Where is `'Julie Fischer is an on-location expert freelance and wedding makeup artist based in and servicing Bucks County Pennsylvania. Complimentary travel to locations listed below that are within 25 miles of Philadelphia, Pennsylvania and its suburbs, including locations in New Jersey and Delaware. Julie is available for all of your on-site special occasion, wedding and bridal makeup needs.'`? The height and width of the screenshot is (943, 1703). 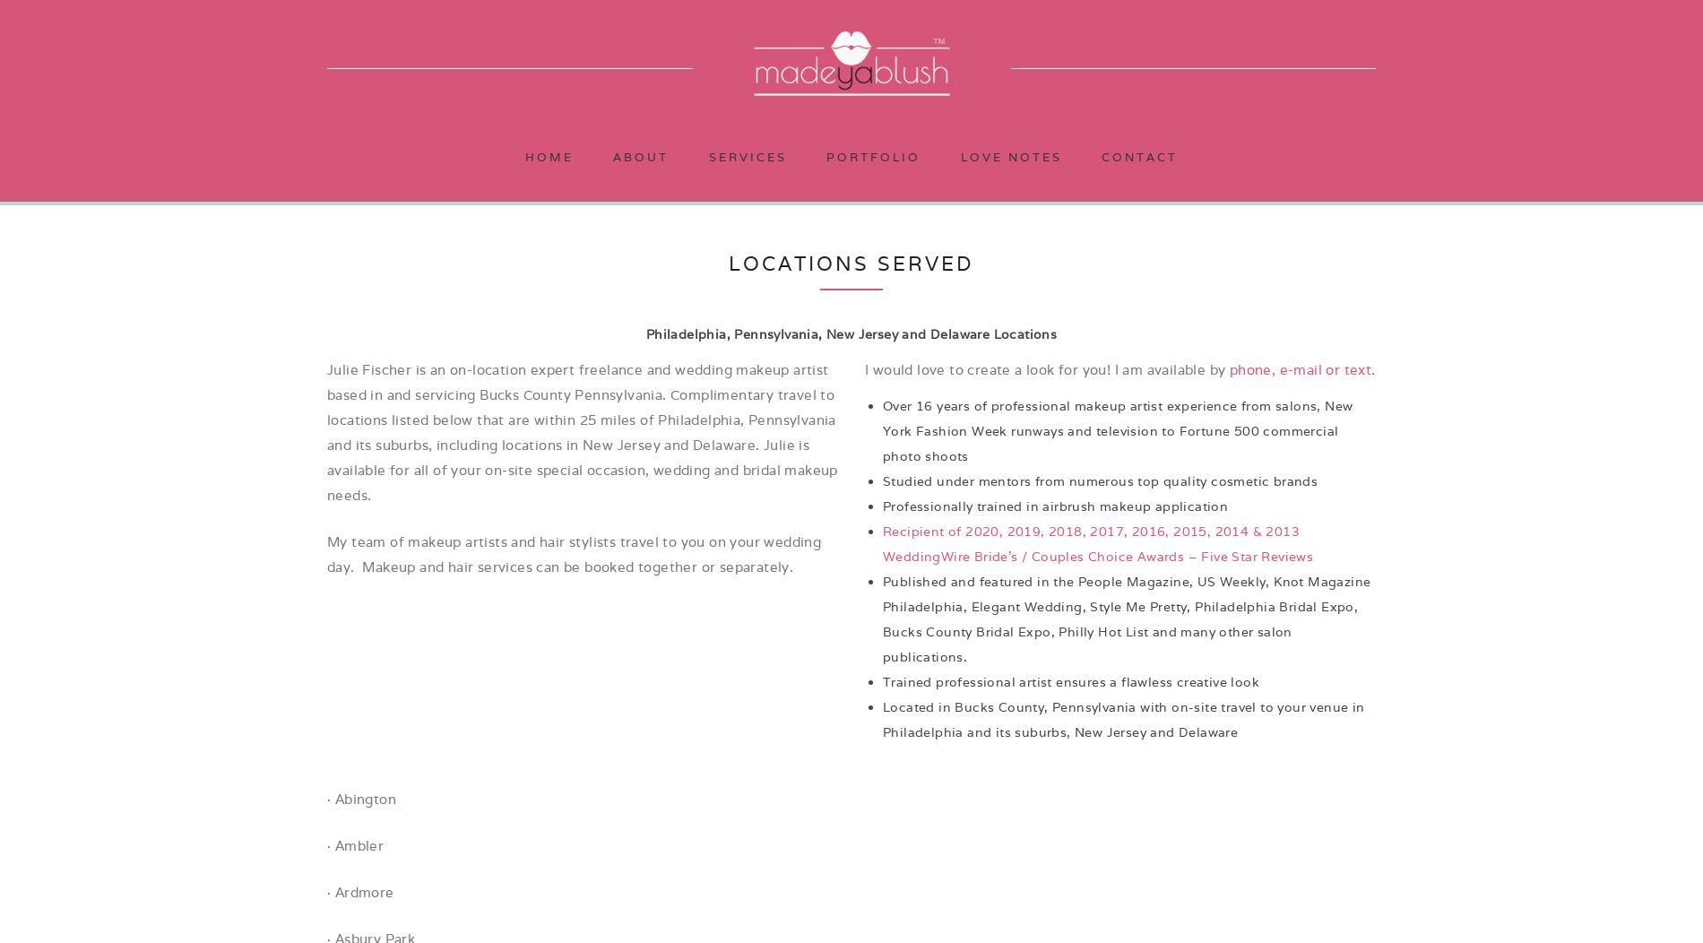
'Julie Fischer is an on-location expert freelance and wedding makeup artist based in and servicing Bucks County Pennsylvania. Complimentary travel to locations listed below that are within 25 miles of Philadelphia, Pennsylvania and its suburbs, including locations in New Jersey and Delaware. Julie is available for all of your on-site special occasion, wedding and bridal makeup needs.' is located at coordinates (325, 432).